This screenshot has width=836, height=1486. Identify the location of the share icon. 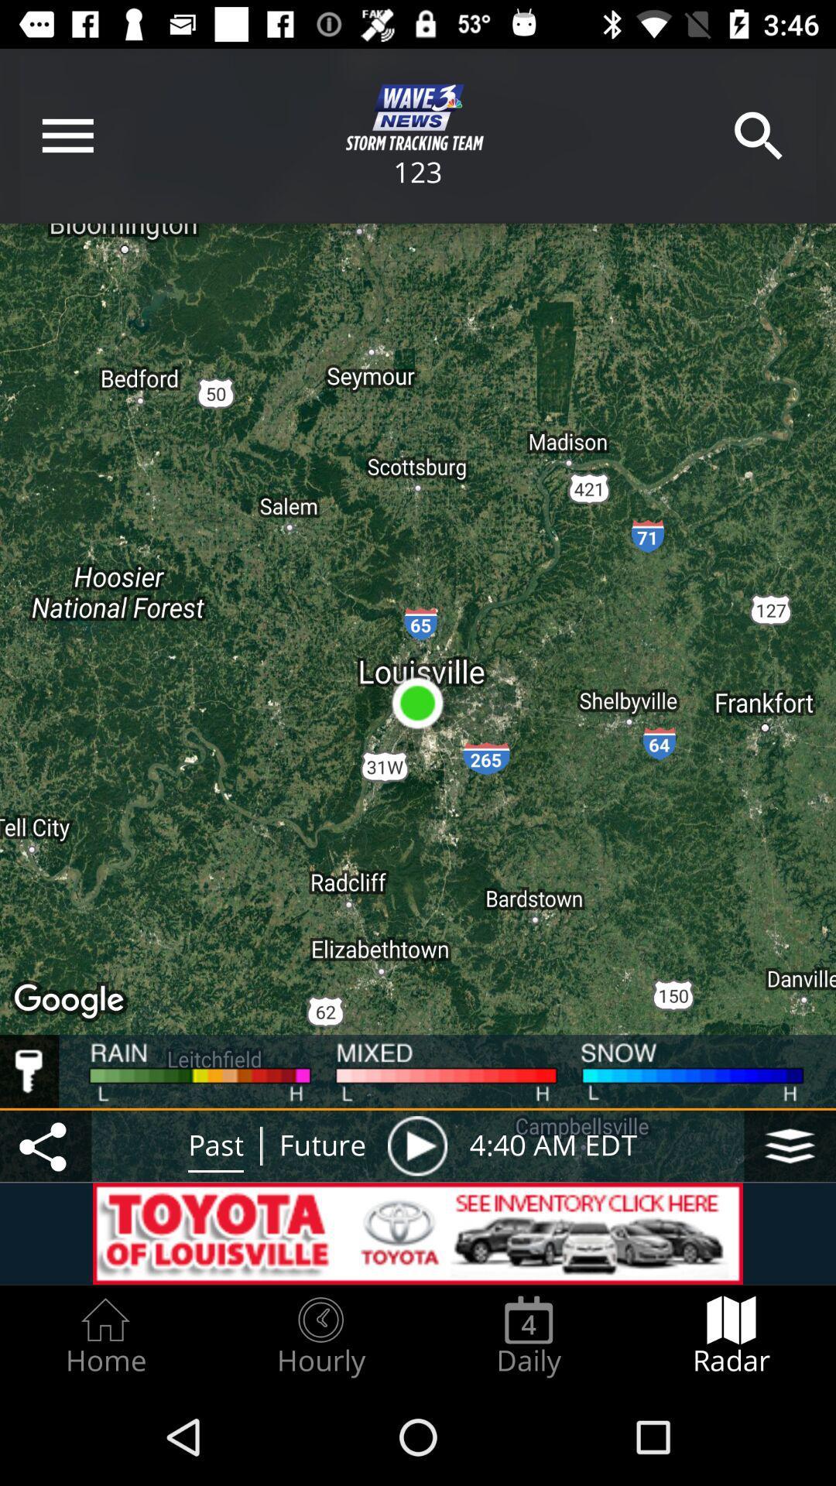
(45, 1145).